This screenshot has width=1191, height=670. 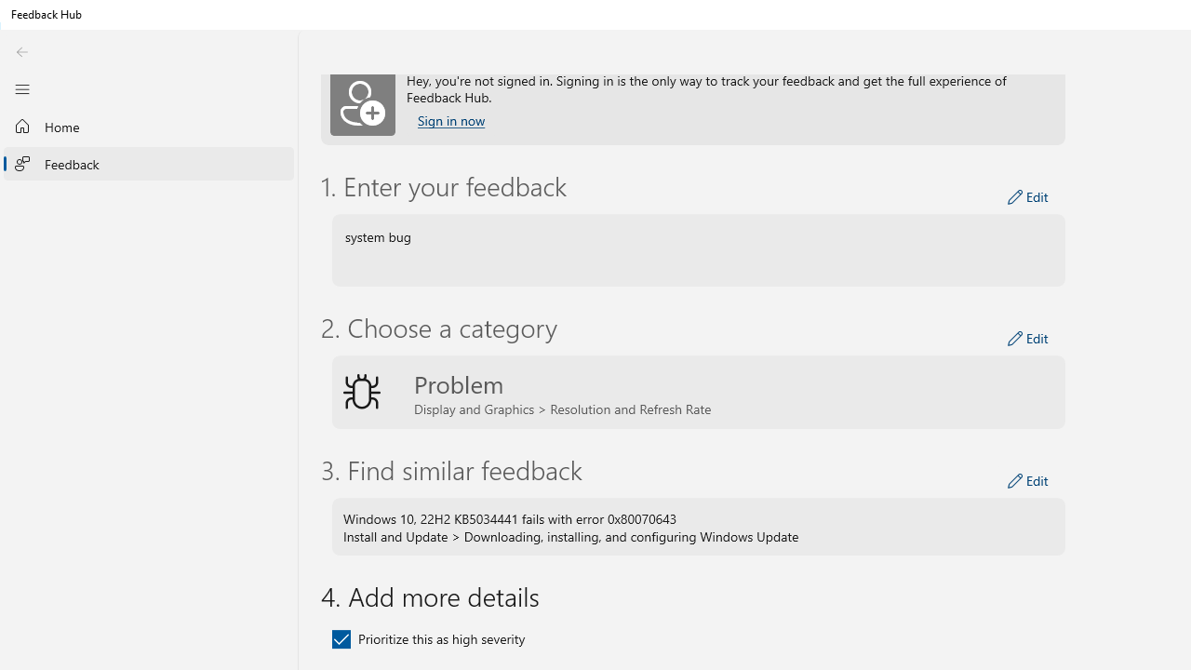 I want to click on 'Back', so click(x=21, y=51).